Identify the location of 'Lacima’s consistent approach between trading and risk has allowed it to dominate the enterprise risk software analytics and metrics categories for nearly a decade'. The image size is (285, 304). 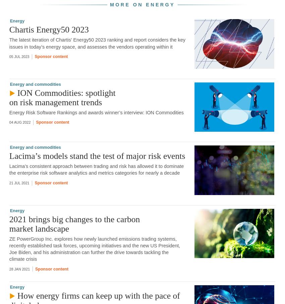
(96, 169).